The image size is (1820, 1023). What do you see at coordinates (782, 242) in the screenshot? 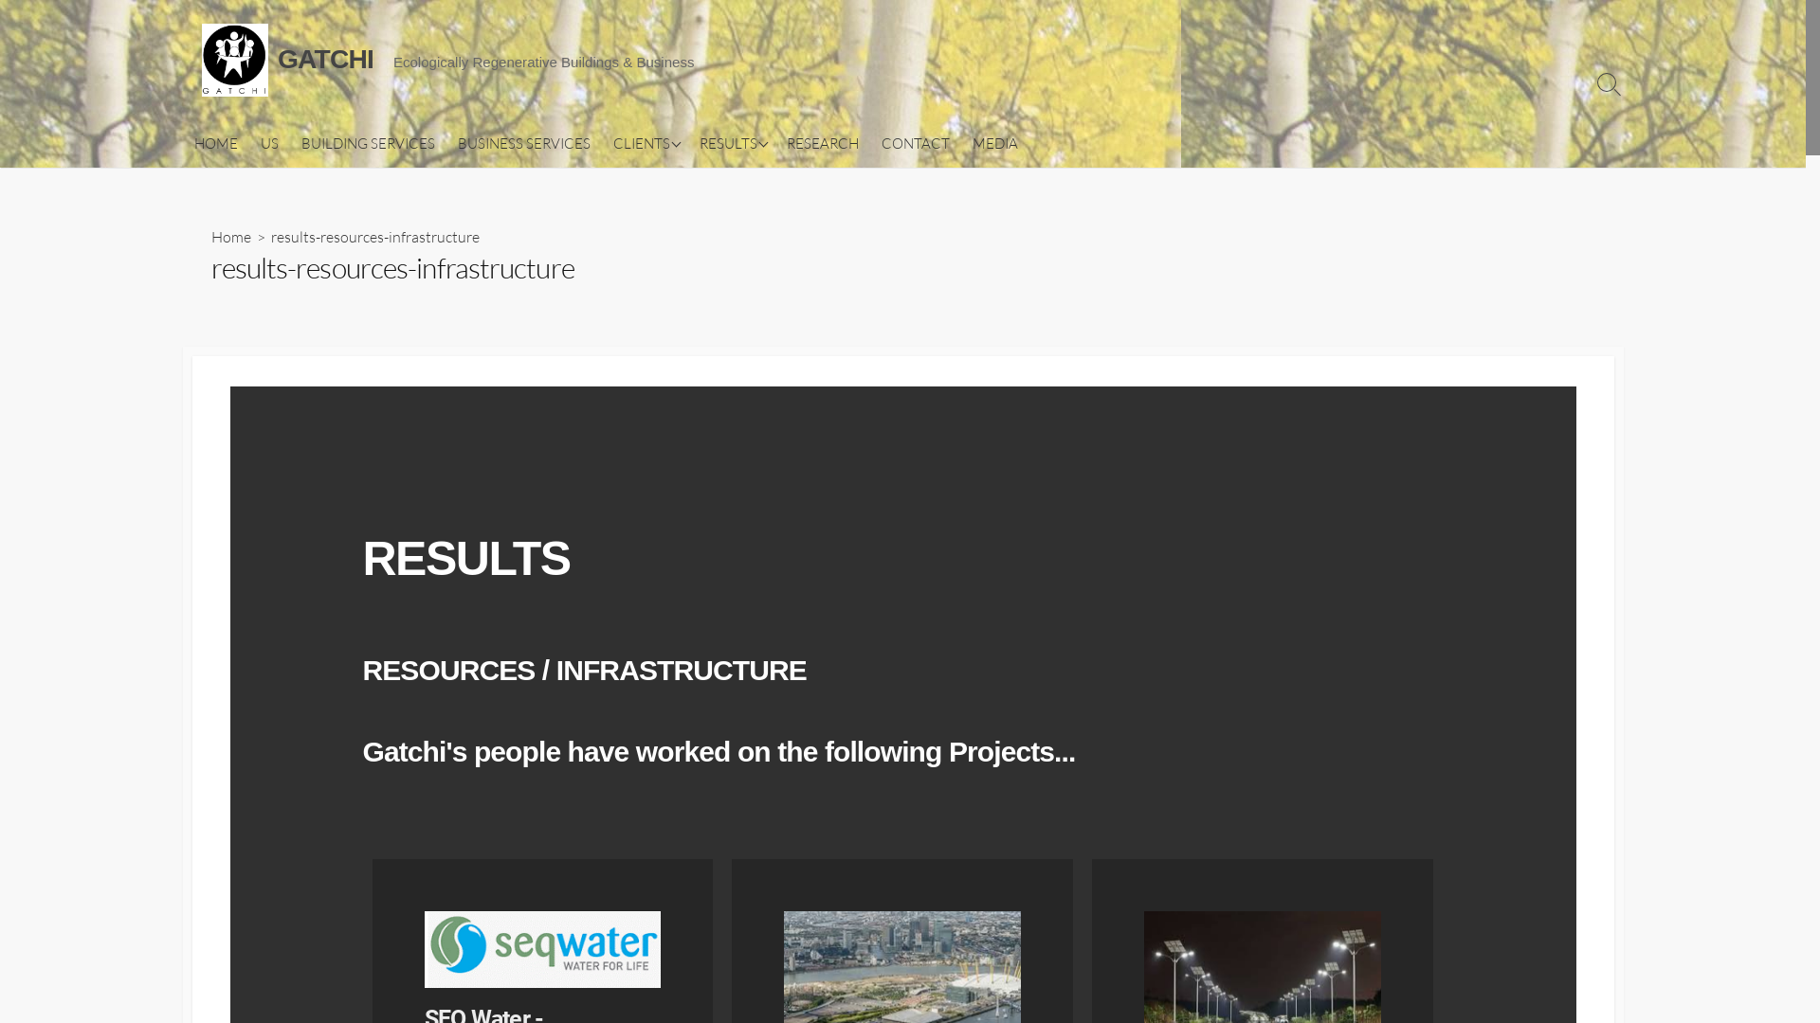
I see `'Government/Councils'` at bounding box center [782, 242].